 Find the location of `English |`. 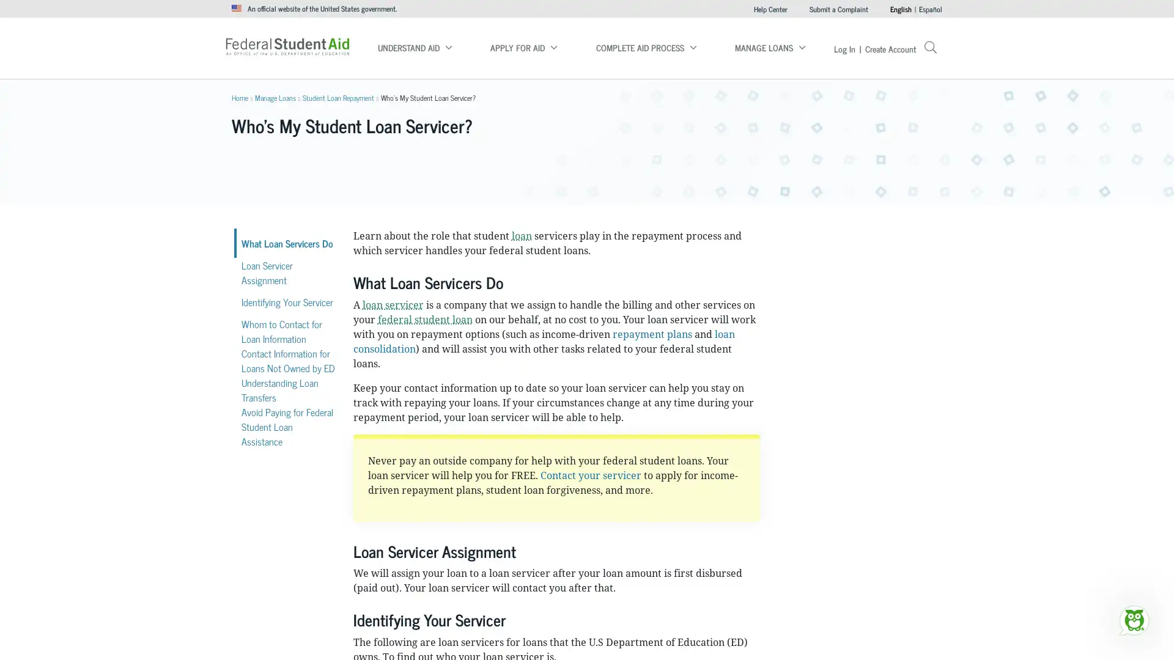

English | is located at coordinates (901, 9).